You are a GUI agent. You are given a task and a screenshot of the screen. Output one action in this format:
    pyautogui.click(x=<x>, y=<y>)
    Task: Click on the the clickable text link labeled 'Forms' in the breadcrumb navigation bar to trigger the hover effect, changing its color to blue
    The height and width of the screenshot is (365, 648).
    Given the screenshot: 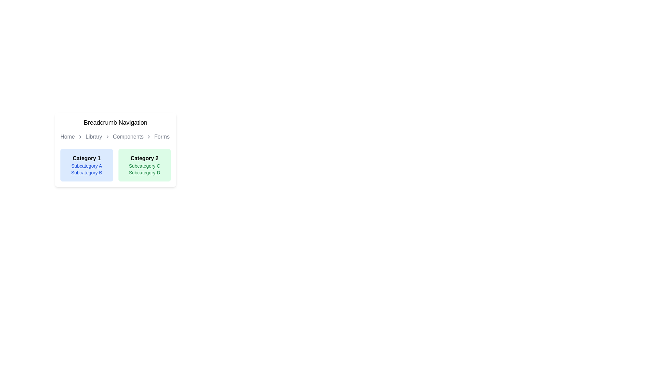 What is the action you would take?
    pyautogui.click(x=162, y=137)
    